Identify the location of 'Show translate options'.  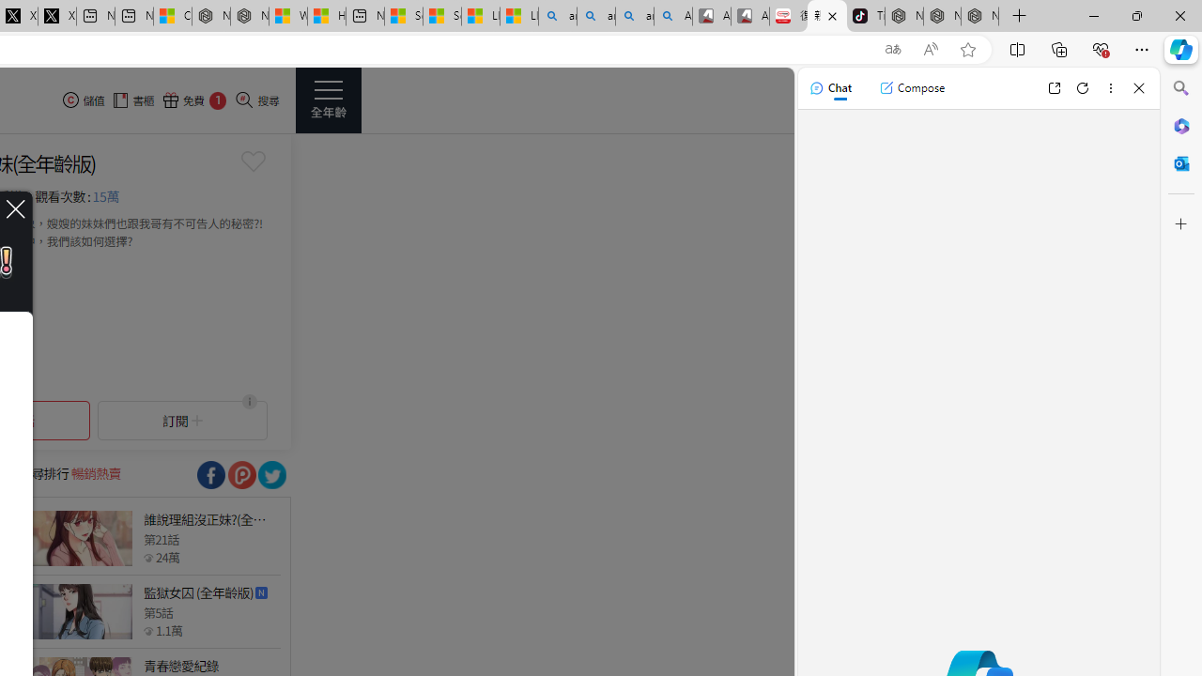
(892, 49).